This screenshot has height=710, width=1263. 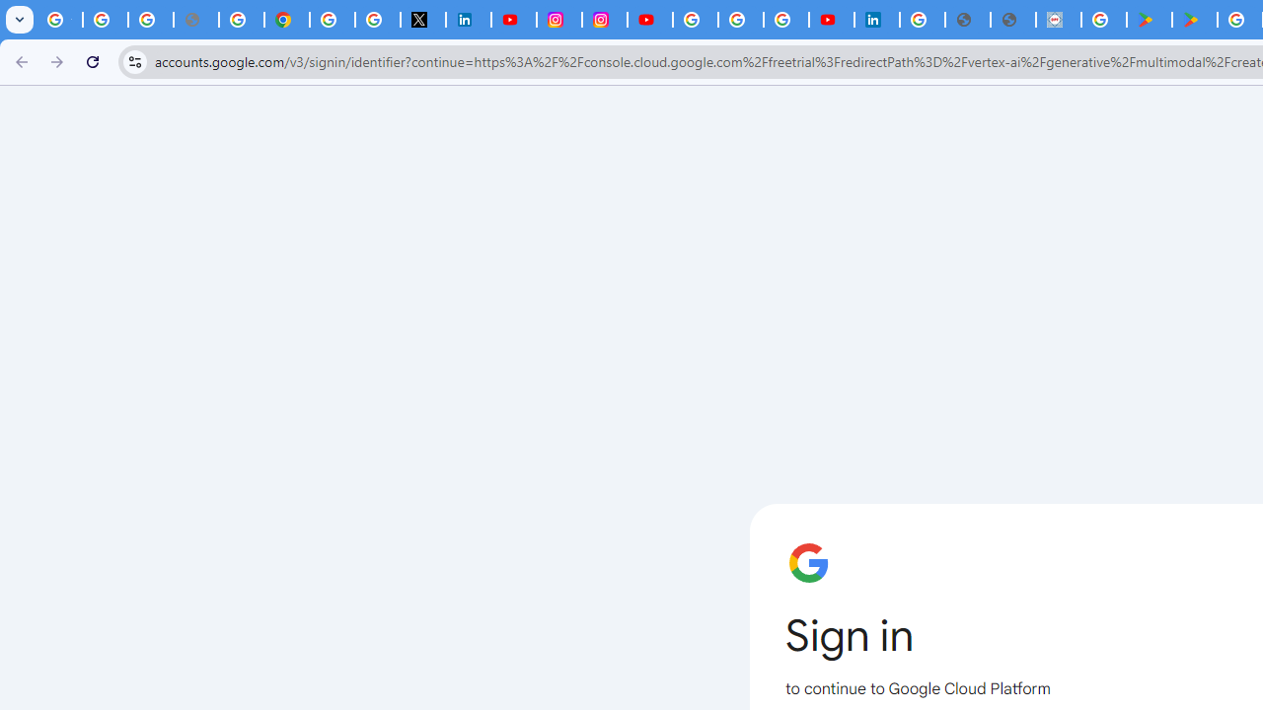 I want to click on 'Data Privacy Framework', so click(x=1057, y=20).